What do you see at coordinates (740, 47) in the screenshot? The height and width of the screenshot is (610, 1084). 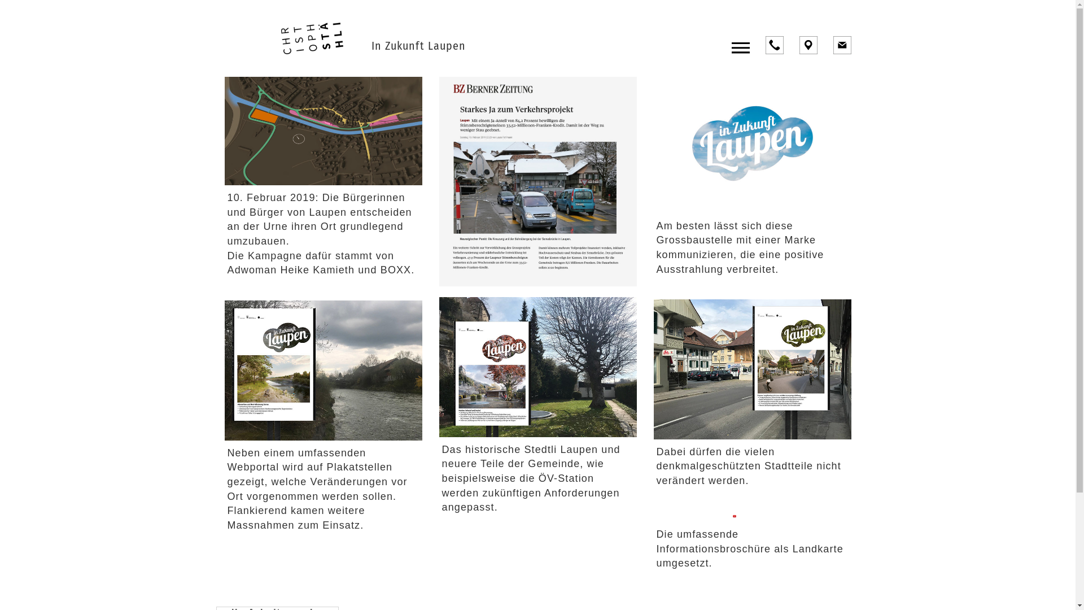 I see `'Toggle navigation'` at bounding box center [740, 47].